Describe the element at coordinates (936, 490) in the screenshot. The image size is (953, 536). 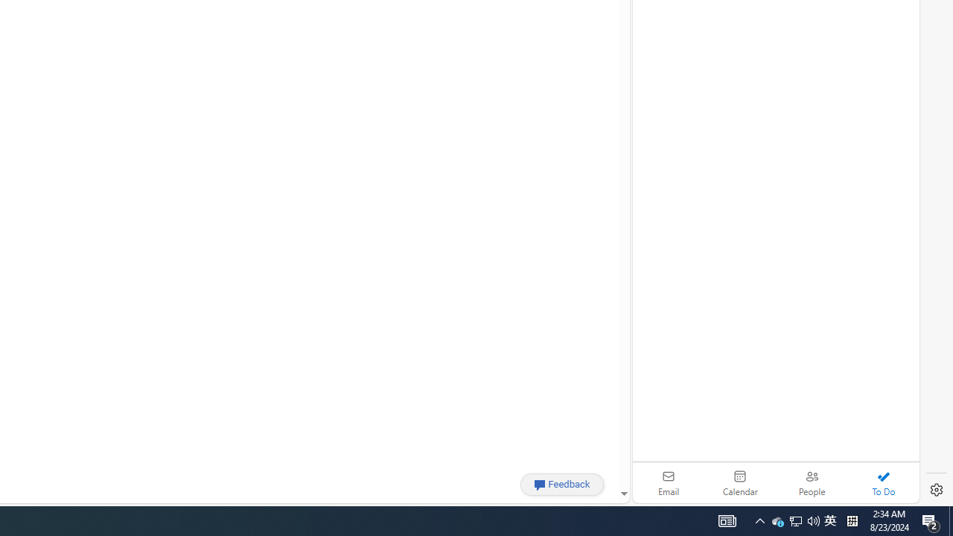
I see `'Settings'` at that location.